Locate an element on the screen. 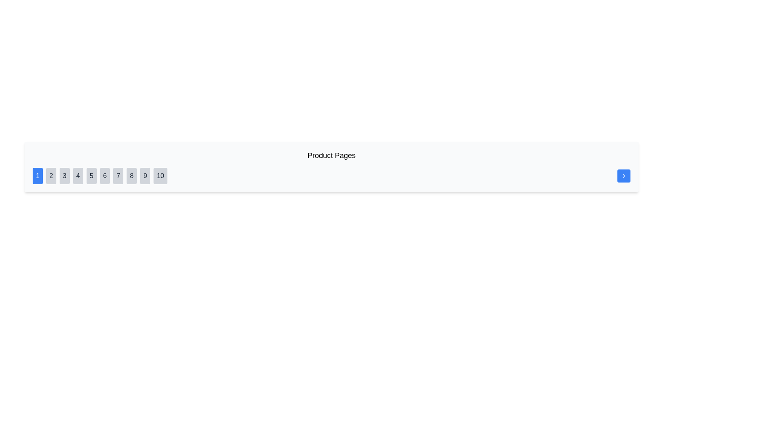 Image resolution: width=784 pixels, height=441 pixels. the rounded rectangular button labeled '10' with a gray background and dark gray text is located at coordinates (160, 176).